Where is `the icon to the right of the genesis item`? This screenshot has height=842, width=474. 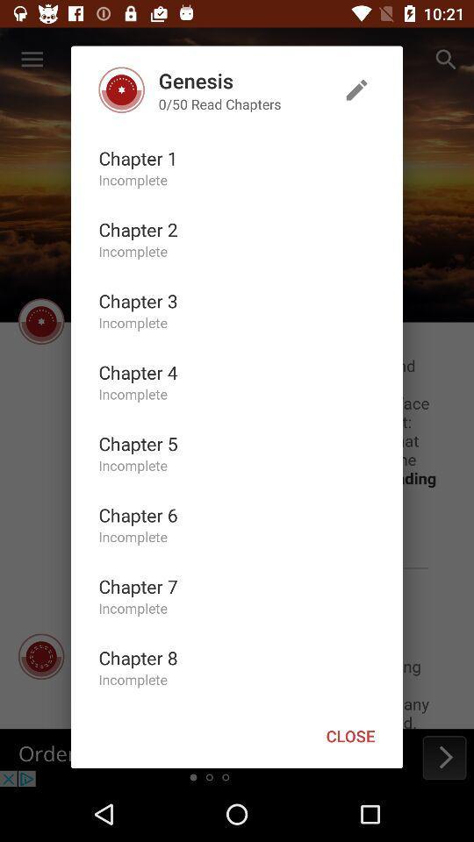
the icon to the right of the genesis item is located at coordinates (355, 89).